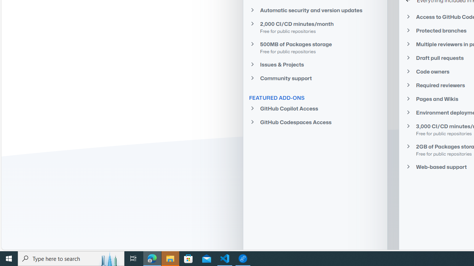  Describe the element at coordinates (315, 47) in the screenshot. I see `'500MB of Packages storage Free for public repositories'` at that location.